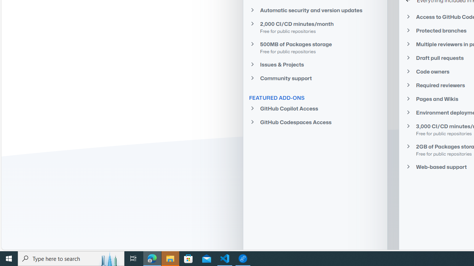  Describe the element at coordinates (315, 47) in the screenshot. I see `'500MB of Packages storage Free for public repositories'` at that location.